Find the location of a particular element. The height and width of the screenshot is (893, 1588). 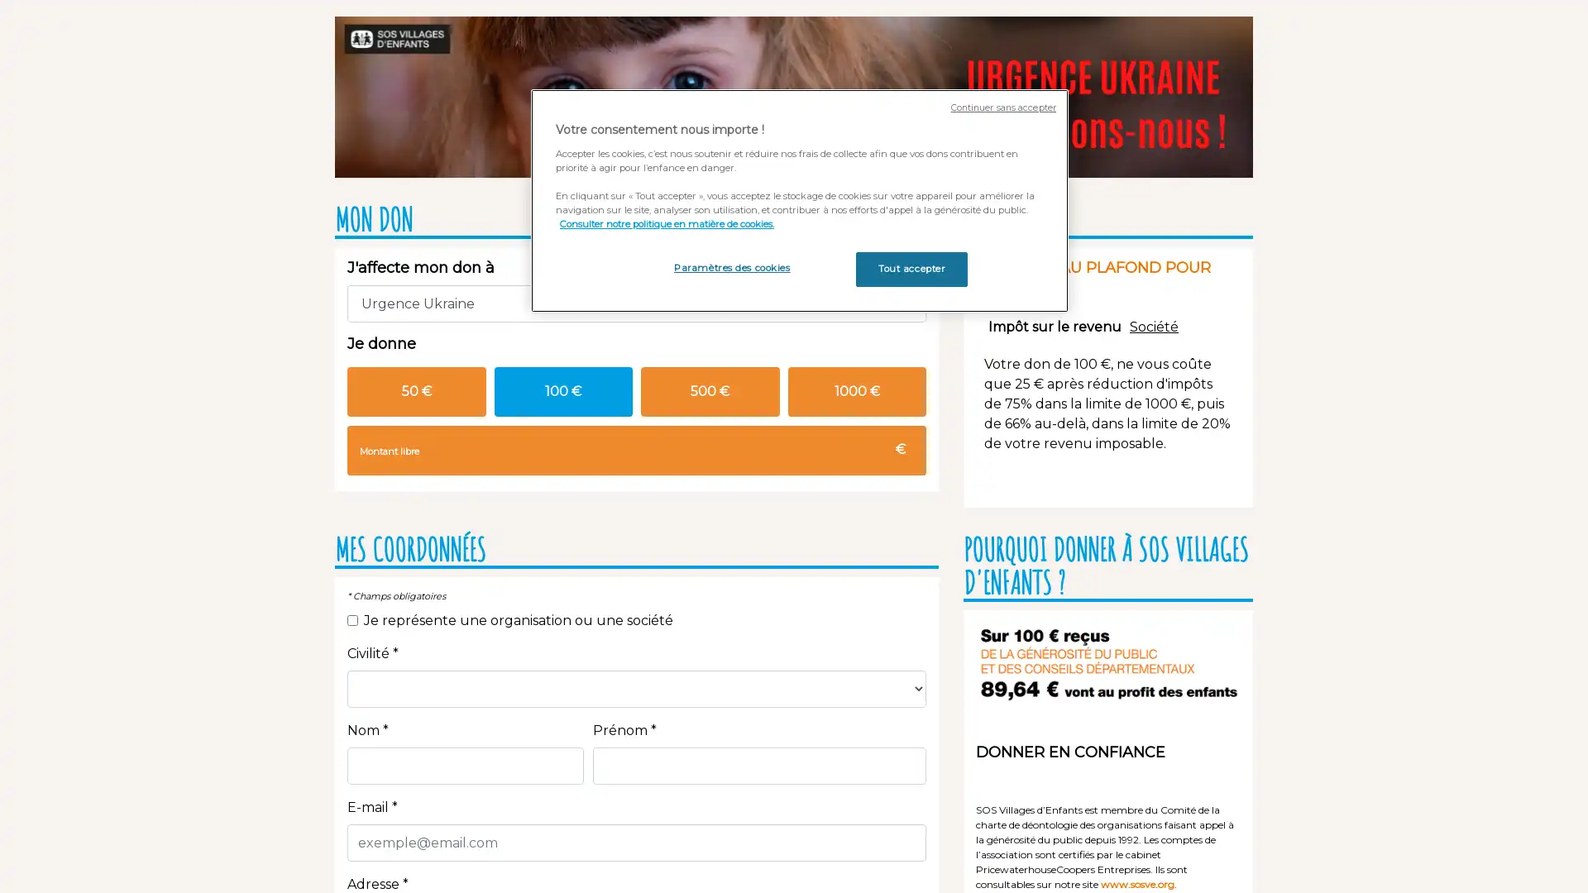

Affiche le contenu de defiscalisation pour is located at coordinates (1153, 326).